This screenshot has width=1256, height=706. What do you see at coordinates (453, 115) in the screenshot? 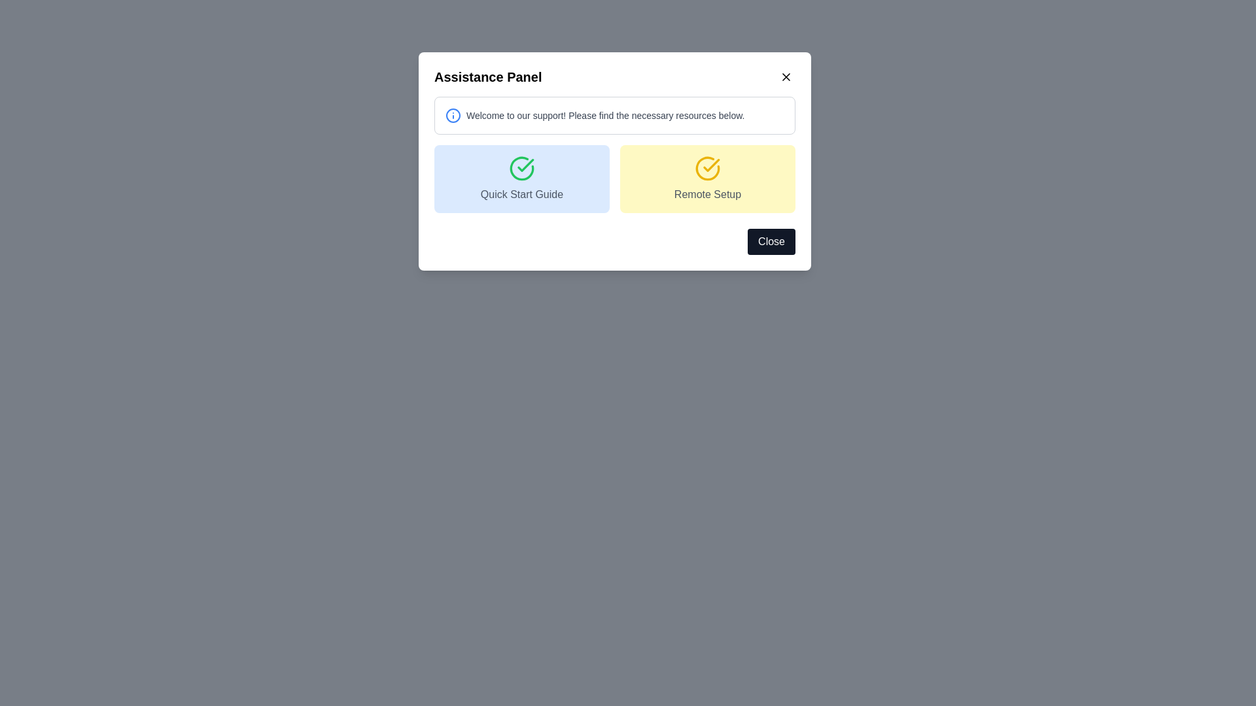
I see `circular blue information icon located at the left side of the welcome message in the Assistance Panel` at bounding box center [453, 115].